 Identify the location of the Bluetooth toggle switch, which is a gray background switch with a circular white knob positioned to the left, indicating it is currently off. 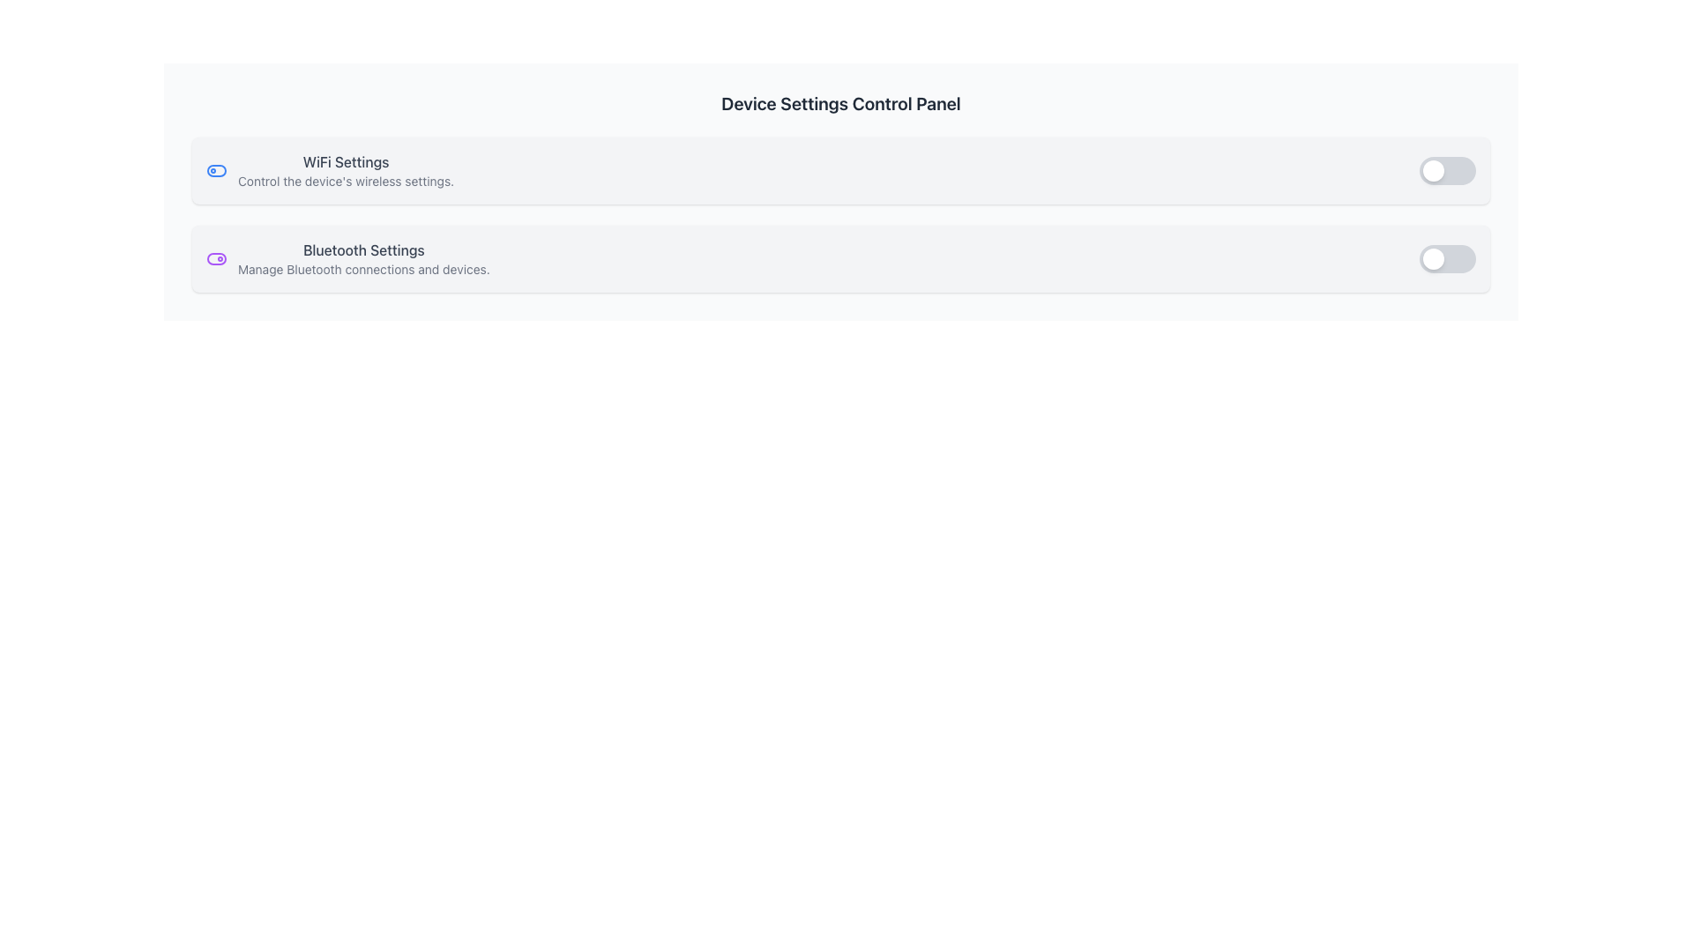
(1447, 258).